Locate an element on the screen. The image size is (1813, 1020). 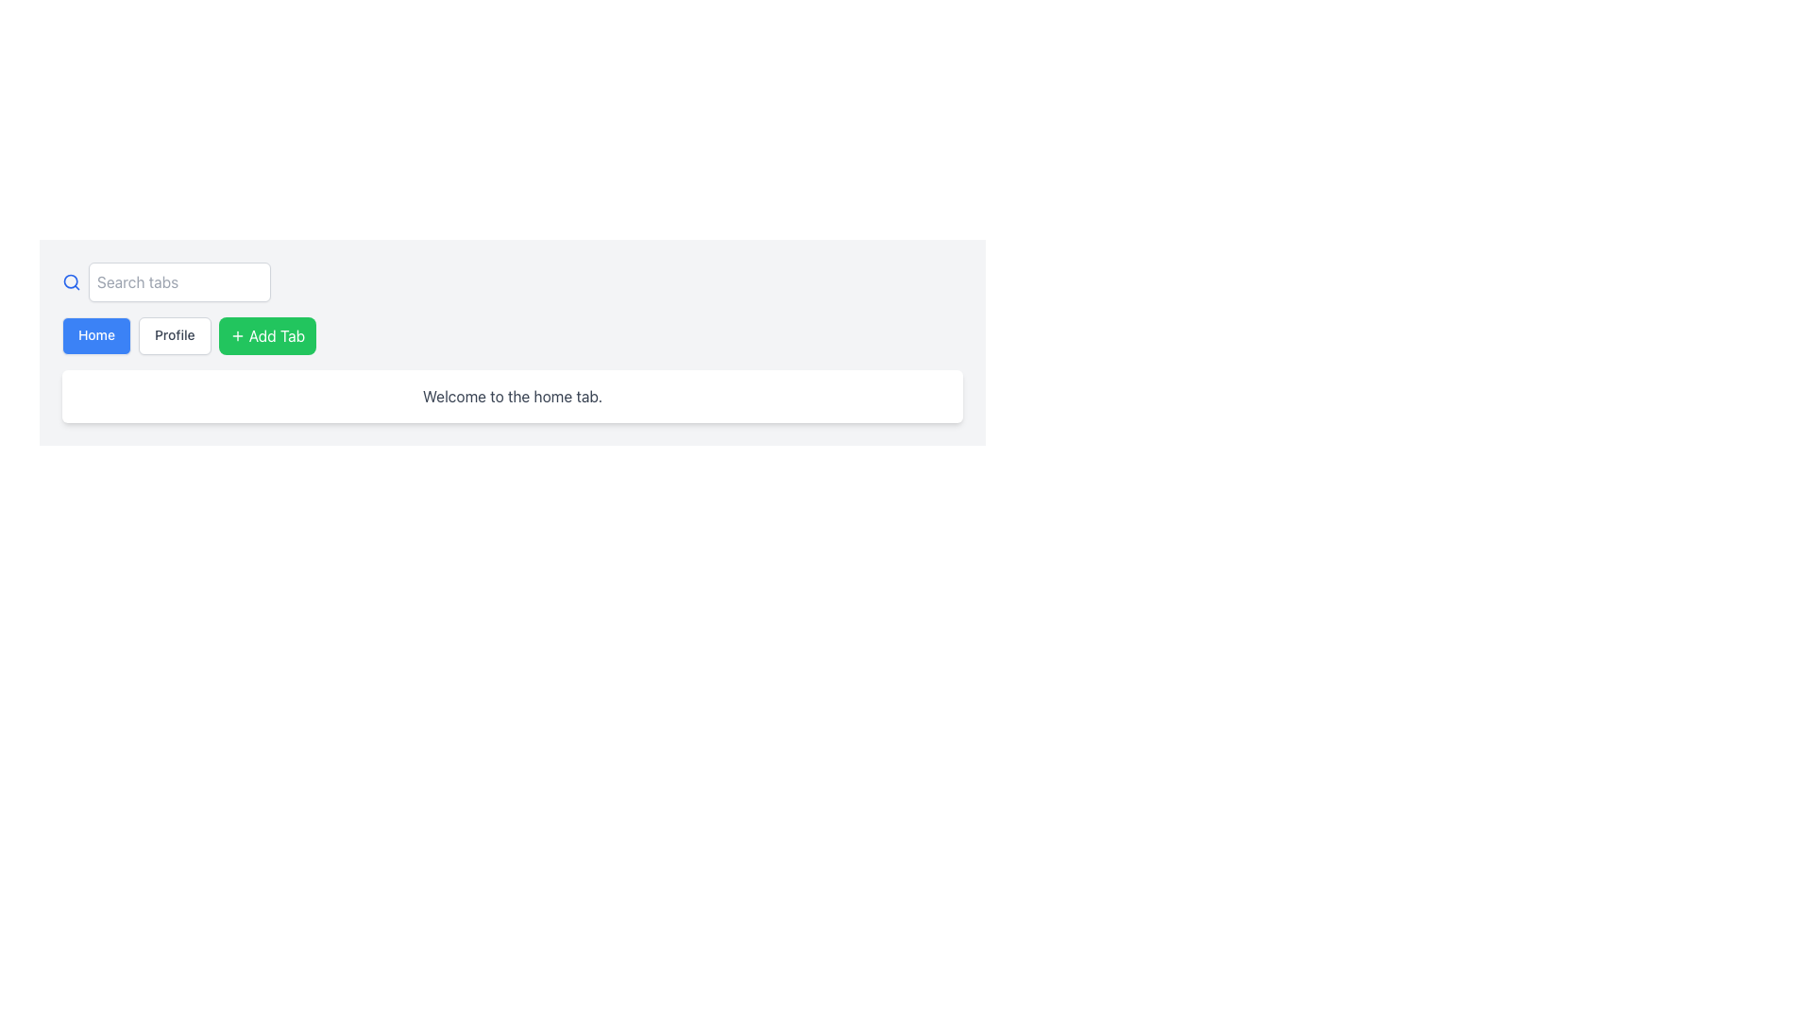
the static text label that provides context for the currently selected 'Home' tab, which is located in a white box beneath the navigation tabs is located at coordinates (512, 396).